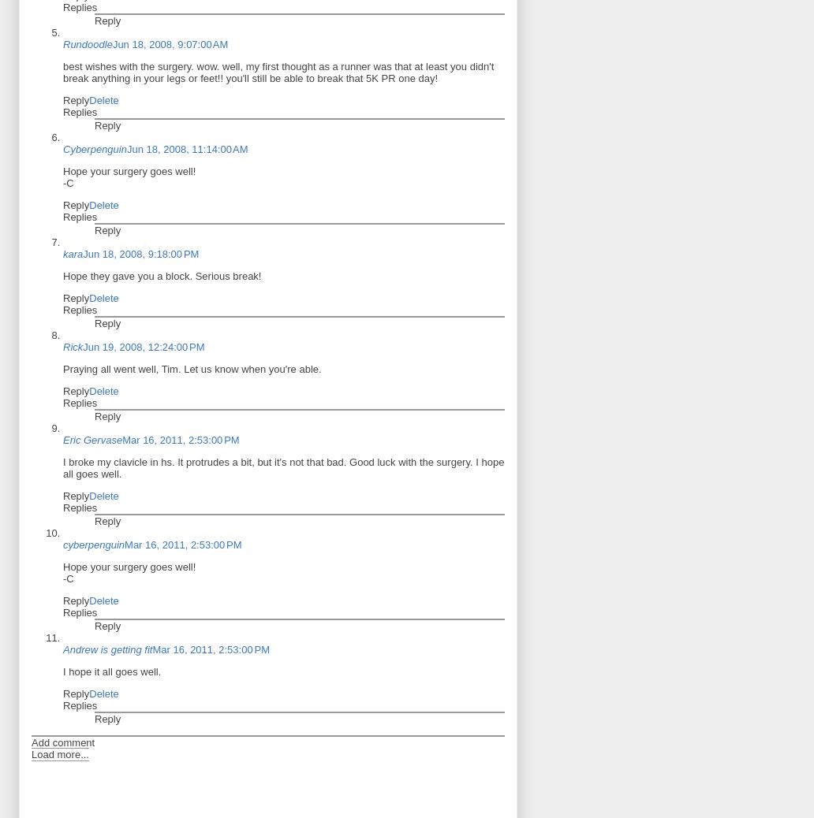 The height and width of the screenshot is (818, 814). Describe the element at coordinates (62, 742) in the screenshot. I see `'Add comment'` at that location.